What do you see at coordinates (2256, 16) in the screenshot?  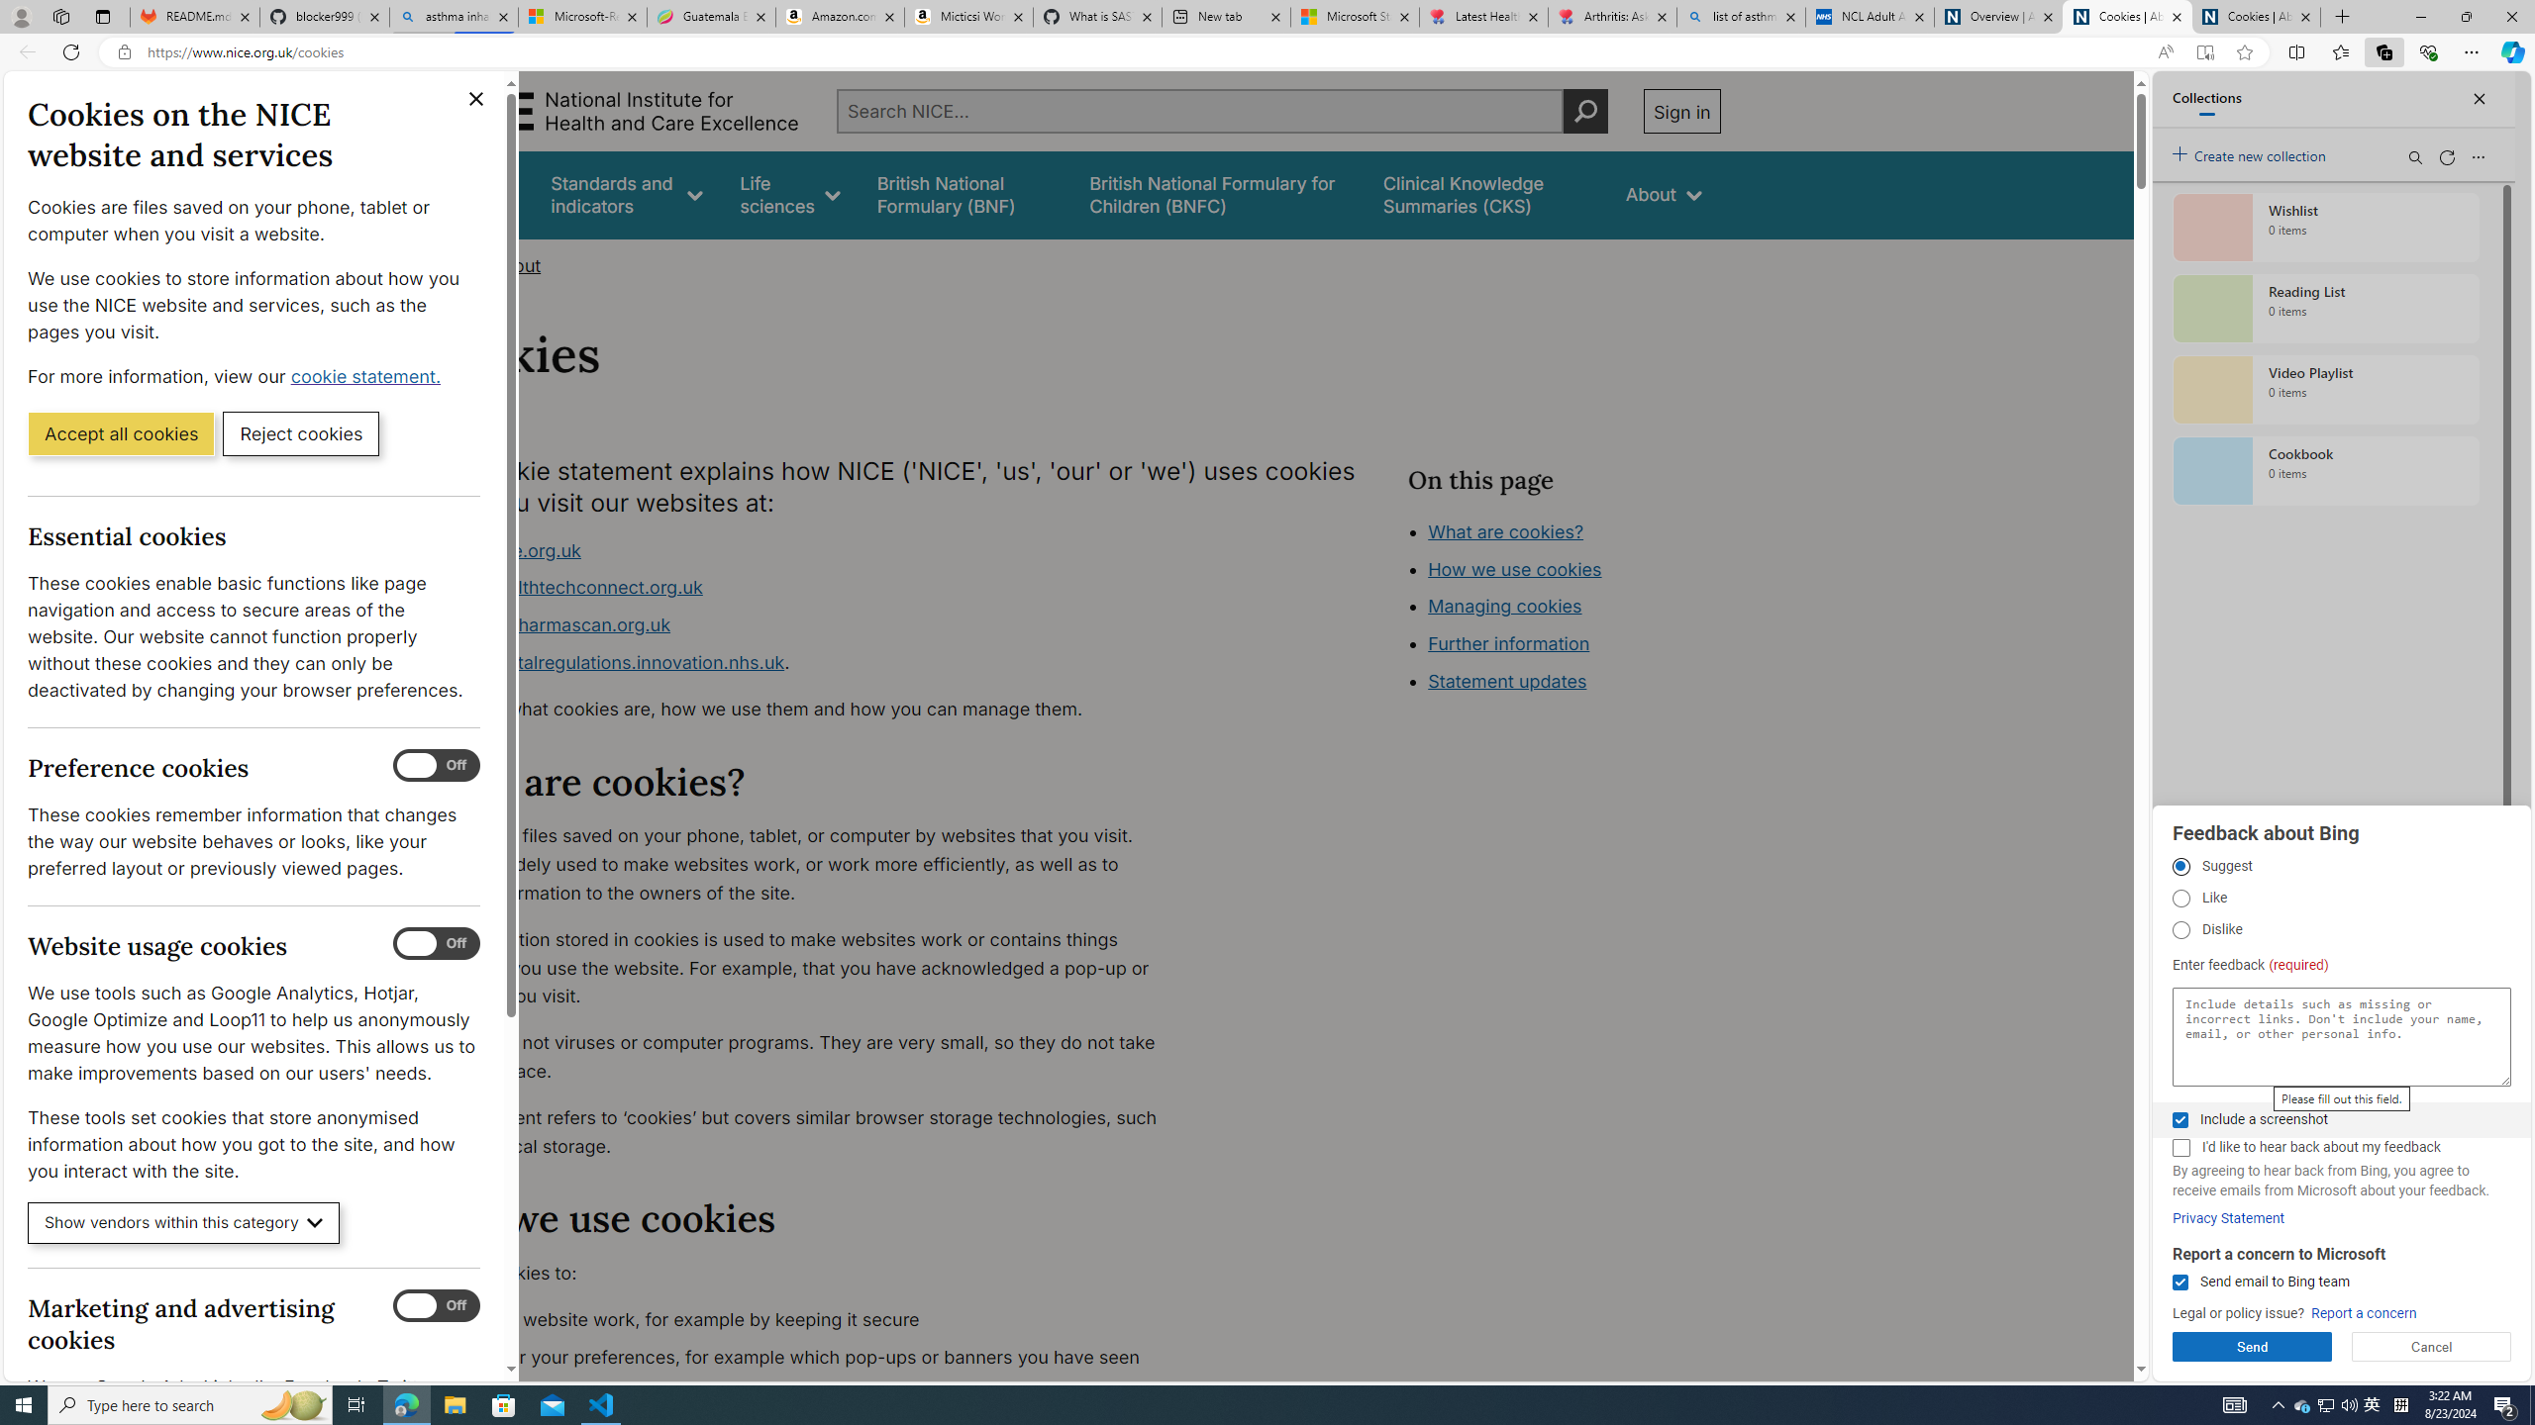 I see `'Cookies | About | NICE'` at bounding box center [2256, 16].